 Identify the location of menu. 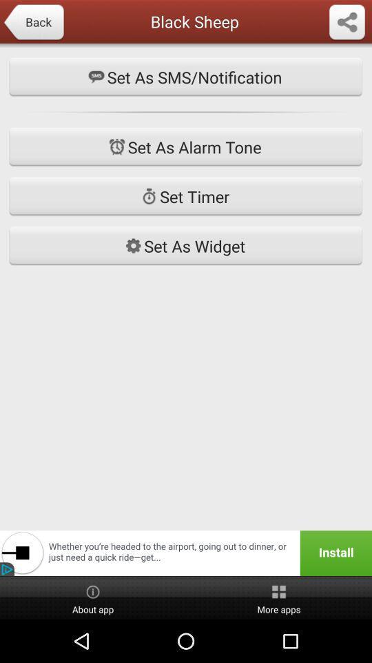
(346, 22).